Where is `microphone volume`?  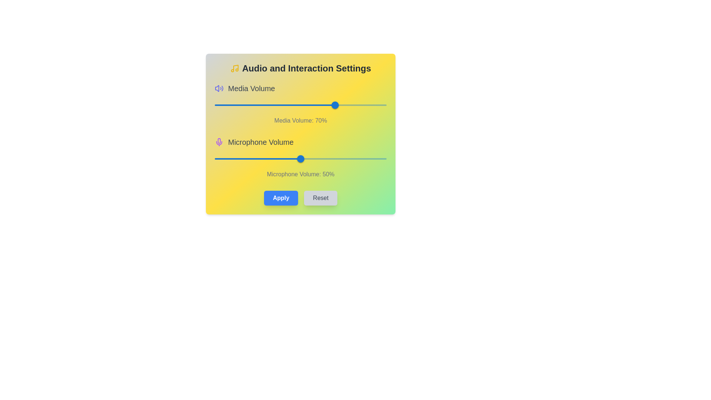 microphone volume is located at coordinates (299, 158).